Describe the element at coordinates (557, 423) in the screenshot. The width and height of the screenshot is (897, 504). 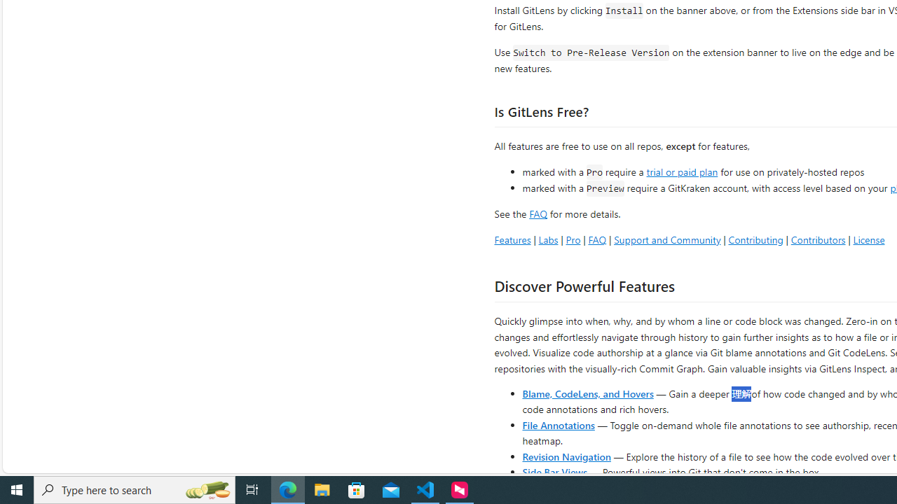
I see `'File Annotations'` at that location.